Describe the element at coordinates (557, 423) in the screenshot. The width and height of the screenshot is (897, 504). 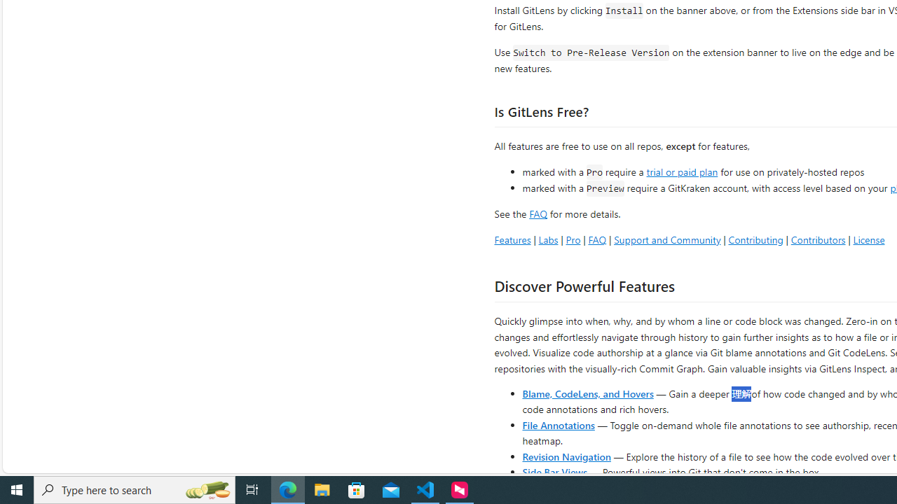
I see `'File Annotations'` at that location.